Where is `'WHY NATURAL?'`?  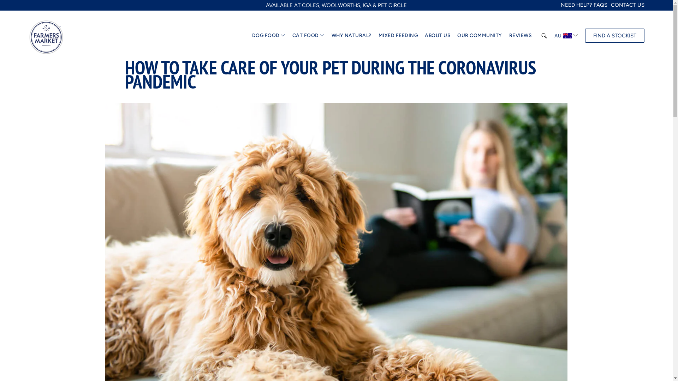 'WHY NATURAL?' is located at coordinates (351, 35).